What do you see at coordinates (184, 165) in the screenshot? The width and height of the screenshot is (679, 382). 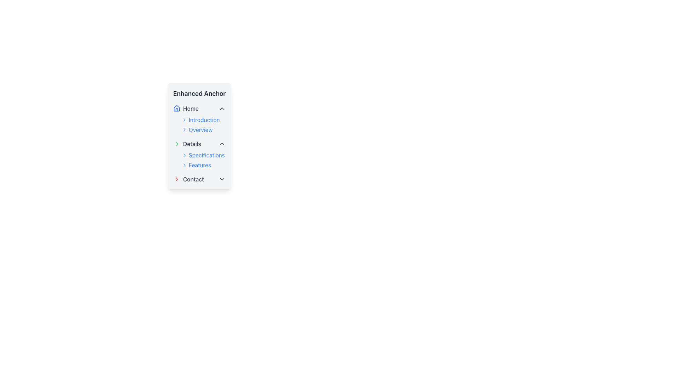 I see `the navigation icon to the left of the 'Features' text in the 'Details' sub-menu under 'Enhanced Anchor'` at bounding box center [184, 165].